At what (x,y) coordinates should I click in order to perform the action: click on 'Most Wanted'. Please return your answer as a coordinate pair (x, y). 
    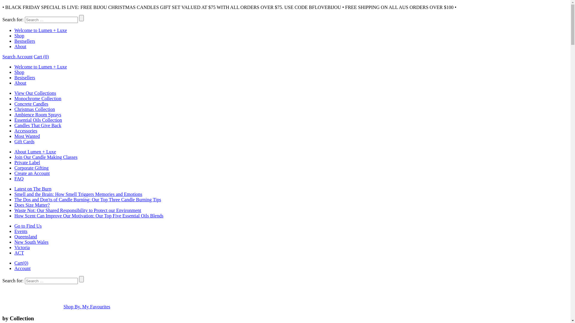
    Looking at the image, I should click on (27, 136).